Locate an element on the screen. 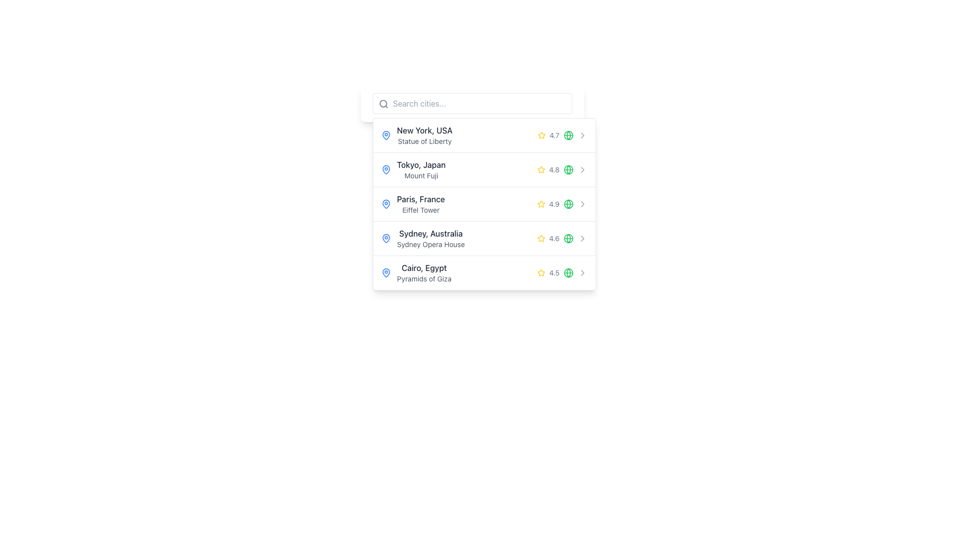 Image resolution: width=957 pixels, height=538 pixels. the yellow star-shaped icon indicating a rating feature located to the left of the rating value '4.5' for 'Cairo, Egypt' is located at coordinates (541, 272).